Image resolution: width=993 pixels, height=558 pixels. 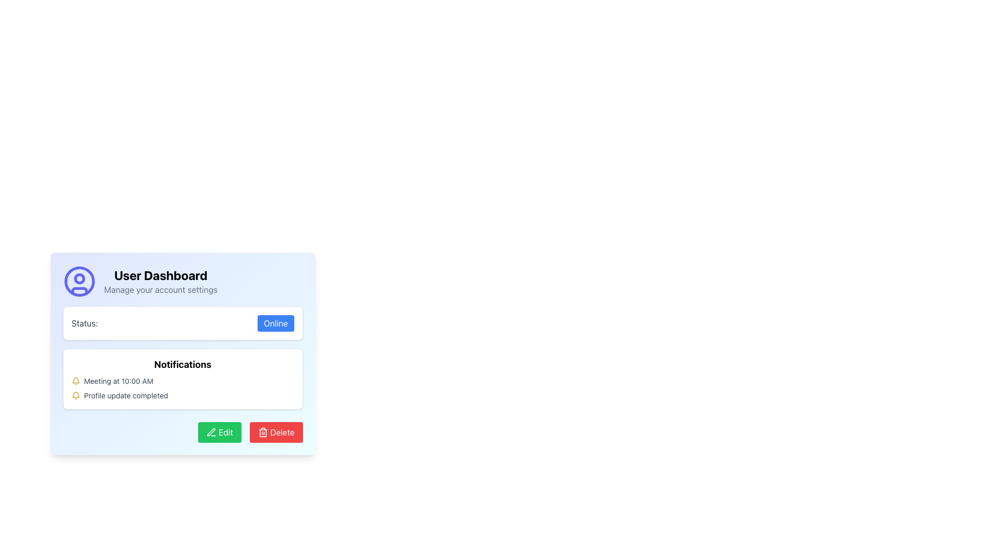 I want to click on the yellow bell icon in the notification panel, which is used for notifications and alerts, so click(x=75, y=395).